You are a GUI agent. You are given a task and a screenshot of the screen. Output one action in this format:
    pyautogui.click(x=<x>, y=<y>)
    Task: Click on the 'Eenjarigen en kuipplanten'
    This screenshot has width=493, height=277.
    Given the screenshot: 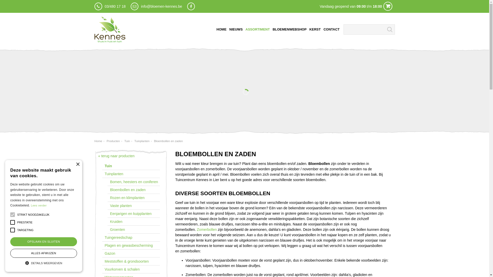 What is the action you would take?
    pyautogui.click(x=107, y=214)
    